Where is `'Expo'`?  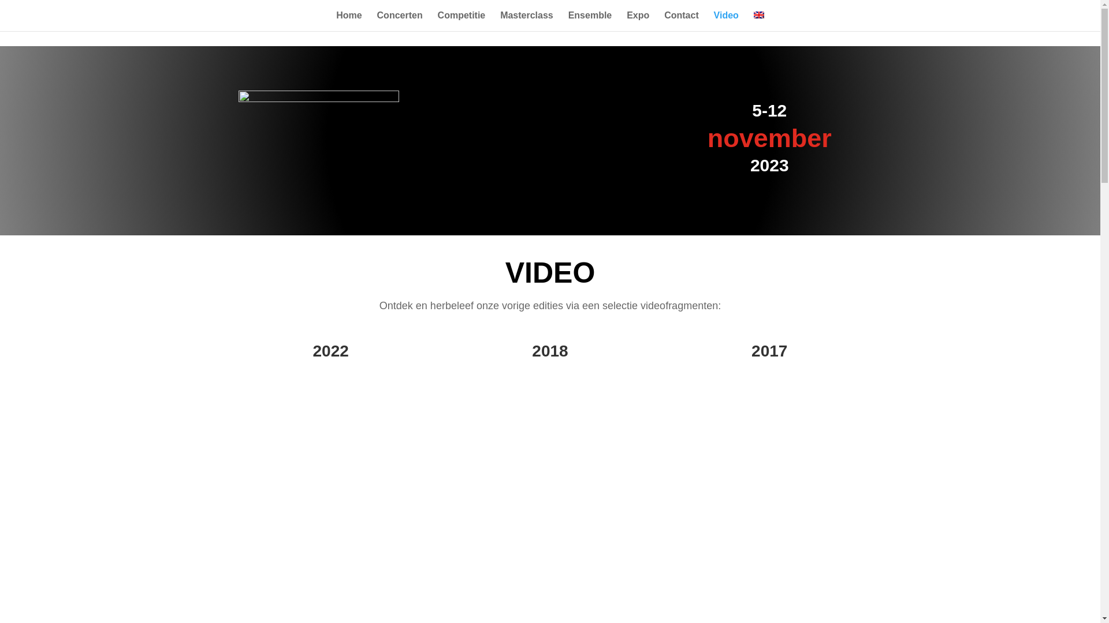 'Expo' is located at coordinates (637, 21).